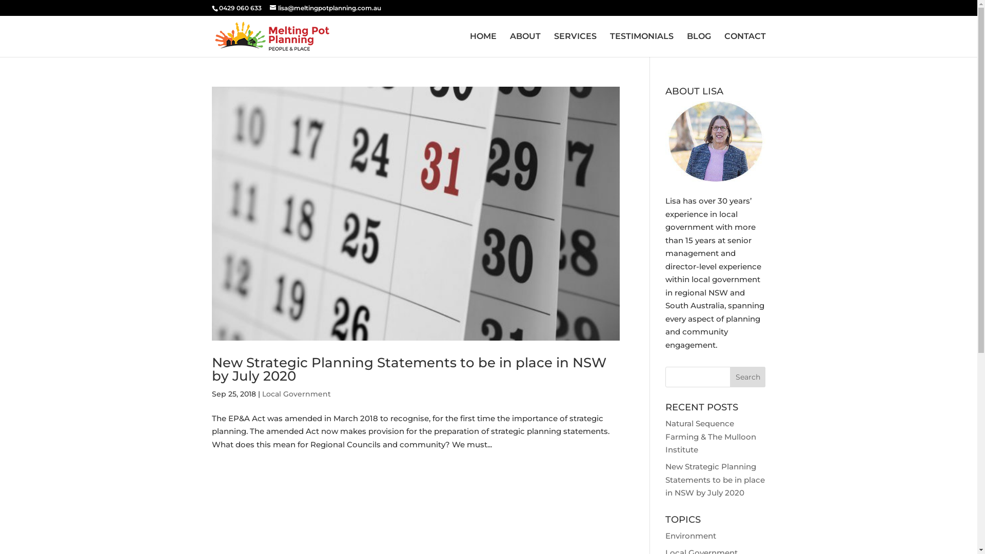  What do you see at coordinates (575, 44) in the screenshot?
I see `'SERVICES'` at bounding box center [575, 44].